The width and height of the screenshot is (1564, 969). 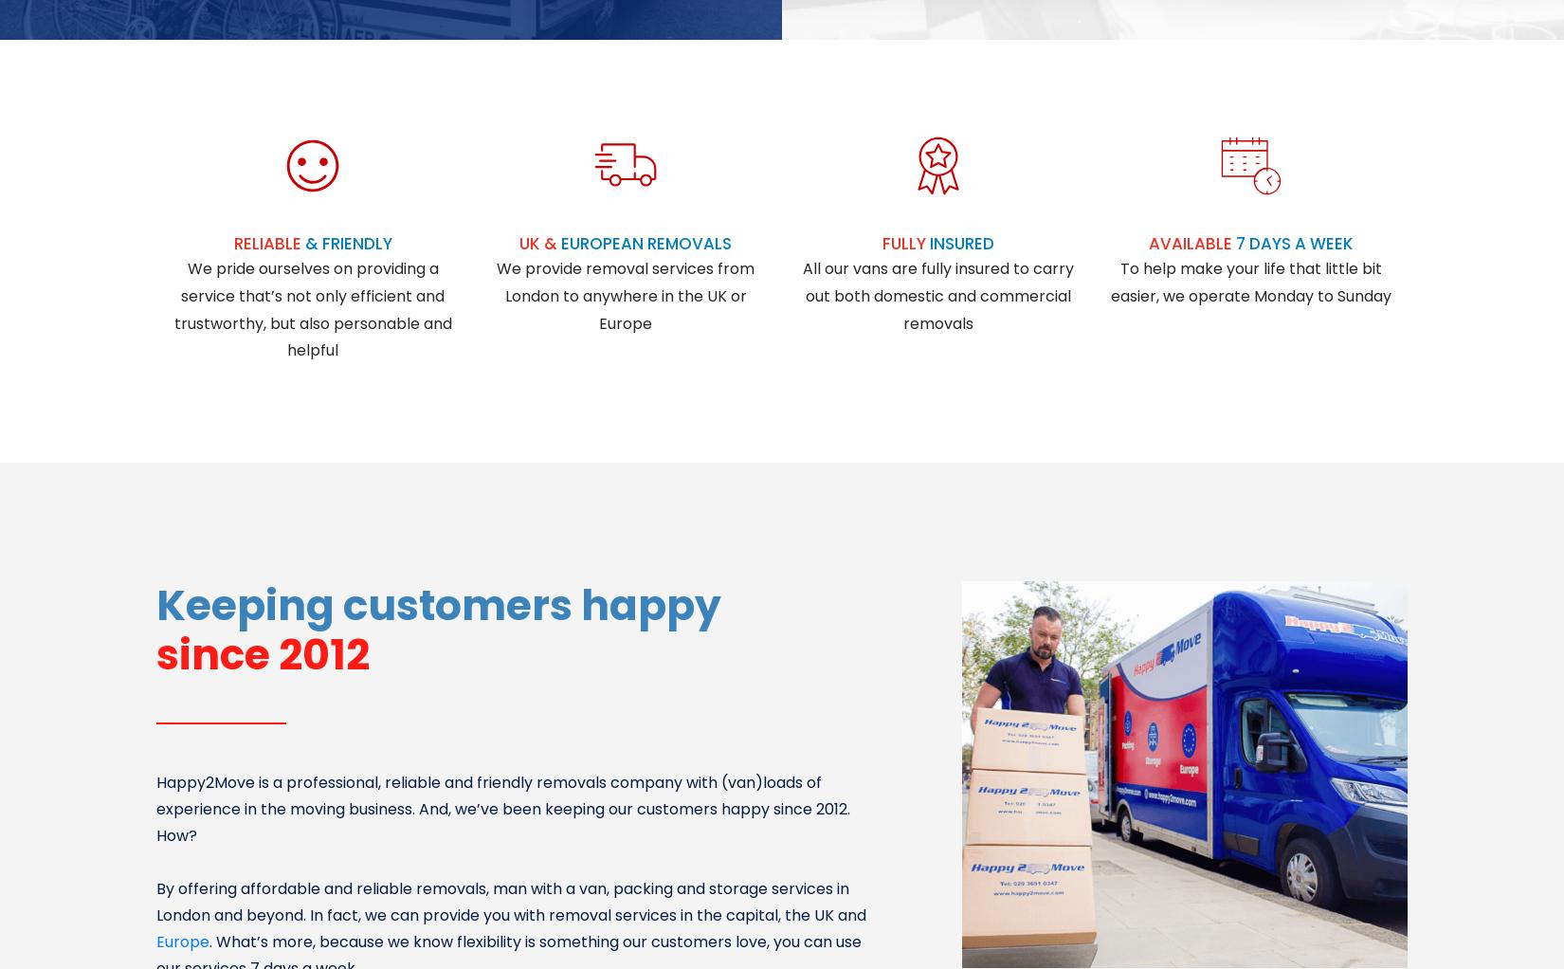 What do you see at coordinates (645, 243) in the screenshot?
I see `'EUROPEAN REMOVALS'` at bounding box center [645, 243].